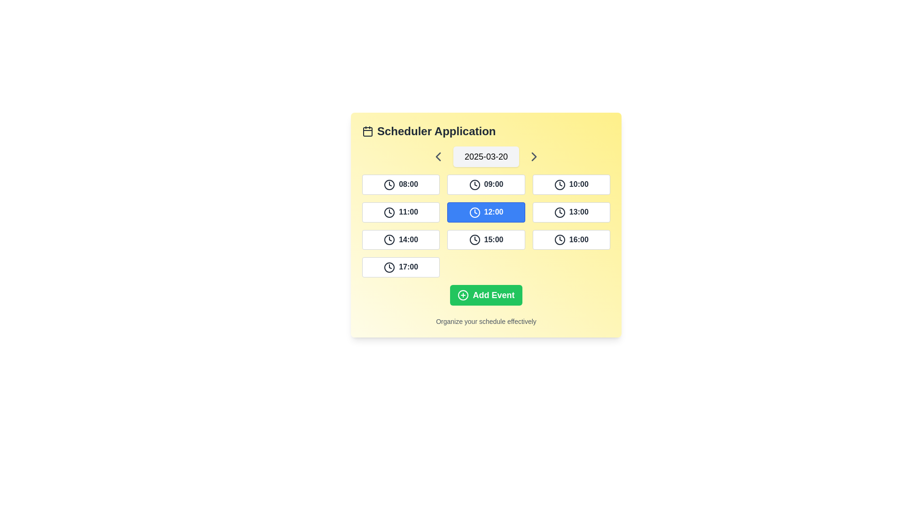 This screenshot has width=902, height=507. What do you see at coordinates (486, 239) in the screenshot?
I see `the button displaying '15:00' with a clock icon on its left, located` at bounding box center [486, 239].